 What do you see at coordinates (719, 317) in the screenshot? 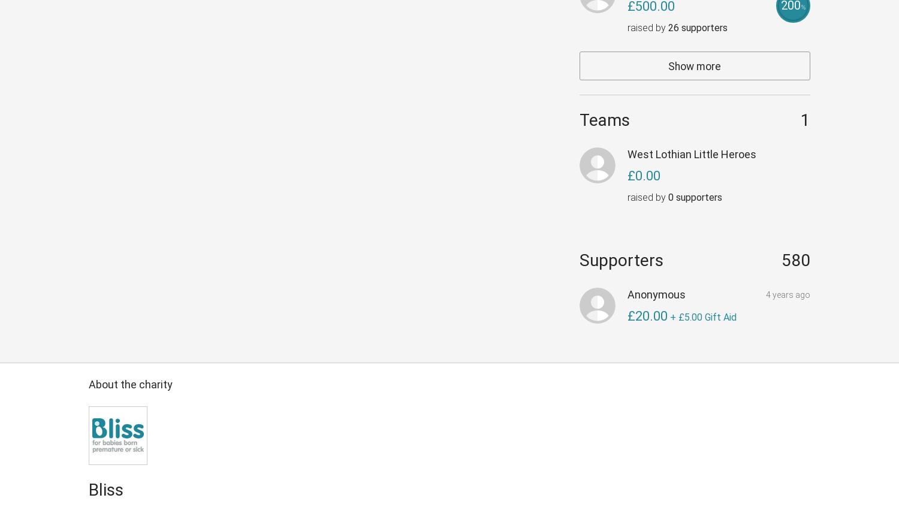
I see `'Gift Aid'` at bounding box center [719, 317].